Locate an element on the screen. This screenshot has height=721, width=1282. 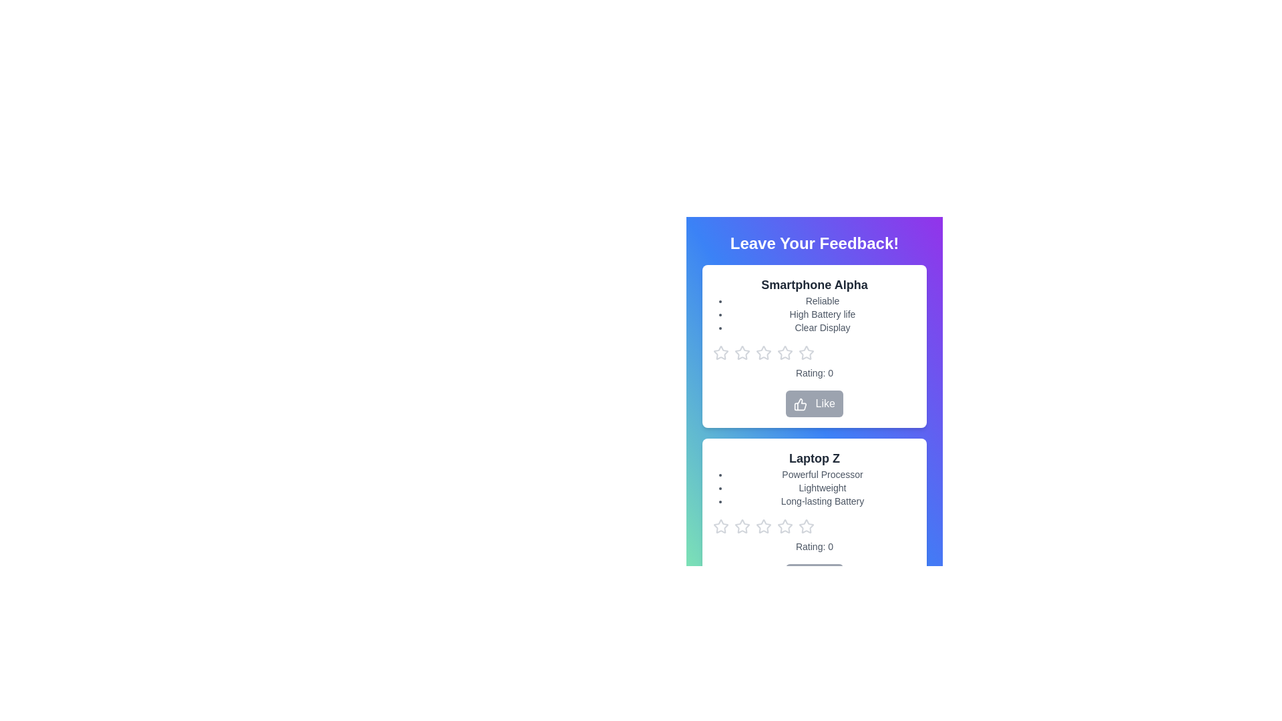
the second star icon in the rating component under the 'Smartphone Alpha' section title to rate the item is located at coordinates (763, 352).